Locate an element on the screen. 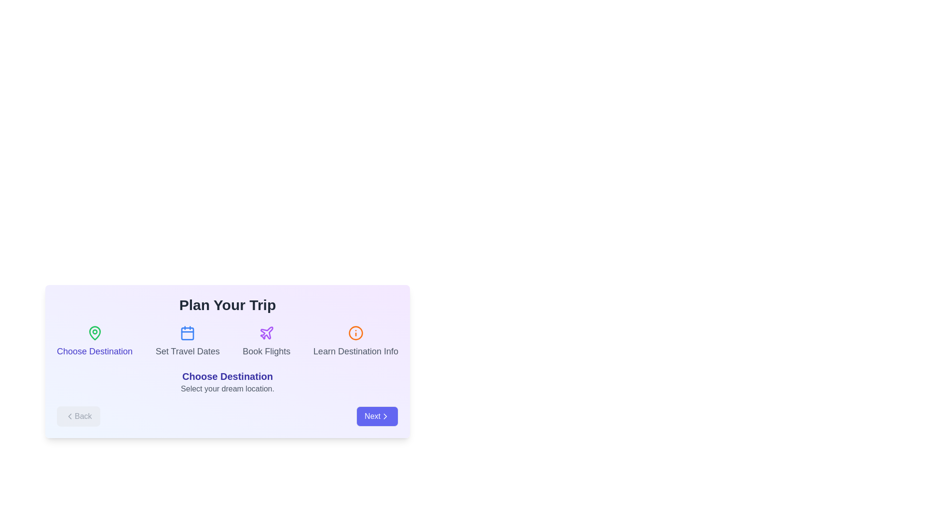 Image resolution: width=926 pixels, height=520 pixels. the 'Book Flights' icon located in the navigation panel under the 'Plan Your Trip' section is located at coordinates (266, 332).